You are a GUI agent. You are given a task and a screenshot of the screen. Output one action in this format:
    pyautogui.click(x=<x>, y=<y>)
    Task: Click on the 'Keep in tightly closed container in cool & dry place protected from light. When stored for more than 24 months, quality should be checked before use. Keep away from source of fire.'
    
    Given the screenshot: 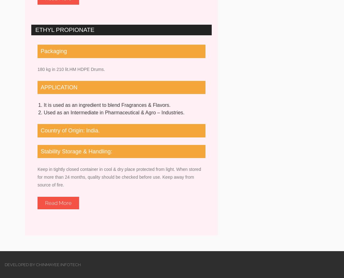 What is the action you would take?
    pyautogui.click(x=119, y=177)
    